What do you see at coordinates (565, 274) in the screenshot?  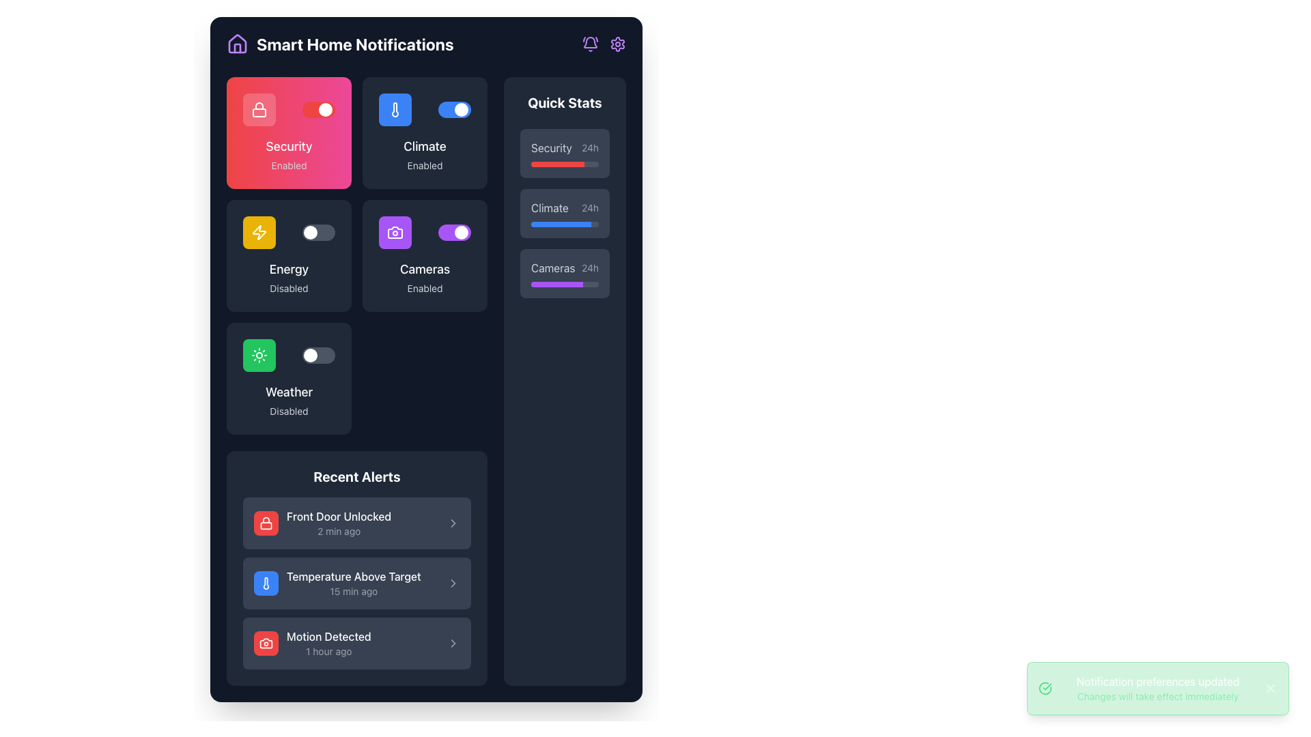 I see `the 'Cameras 24h' statistic card, which features a dark gray rectangular box with rounded corners, displaying 'Cameras' in a large light-gray font and '24h' in a smaller dimmer gray font, along with a purple progress bar underneath. This card is the third item in the 'Quick Stats' section` at bounding box center [565, 274].